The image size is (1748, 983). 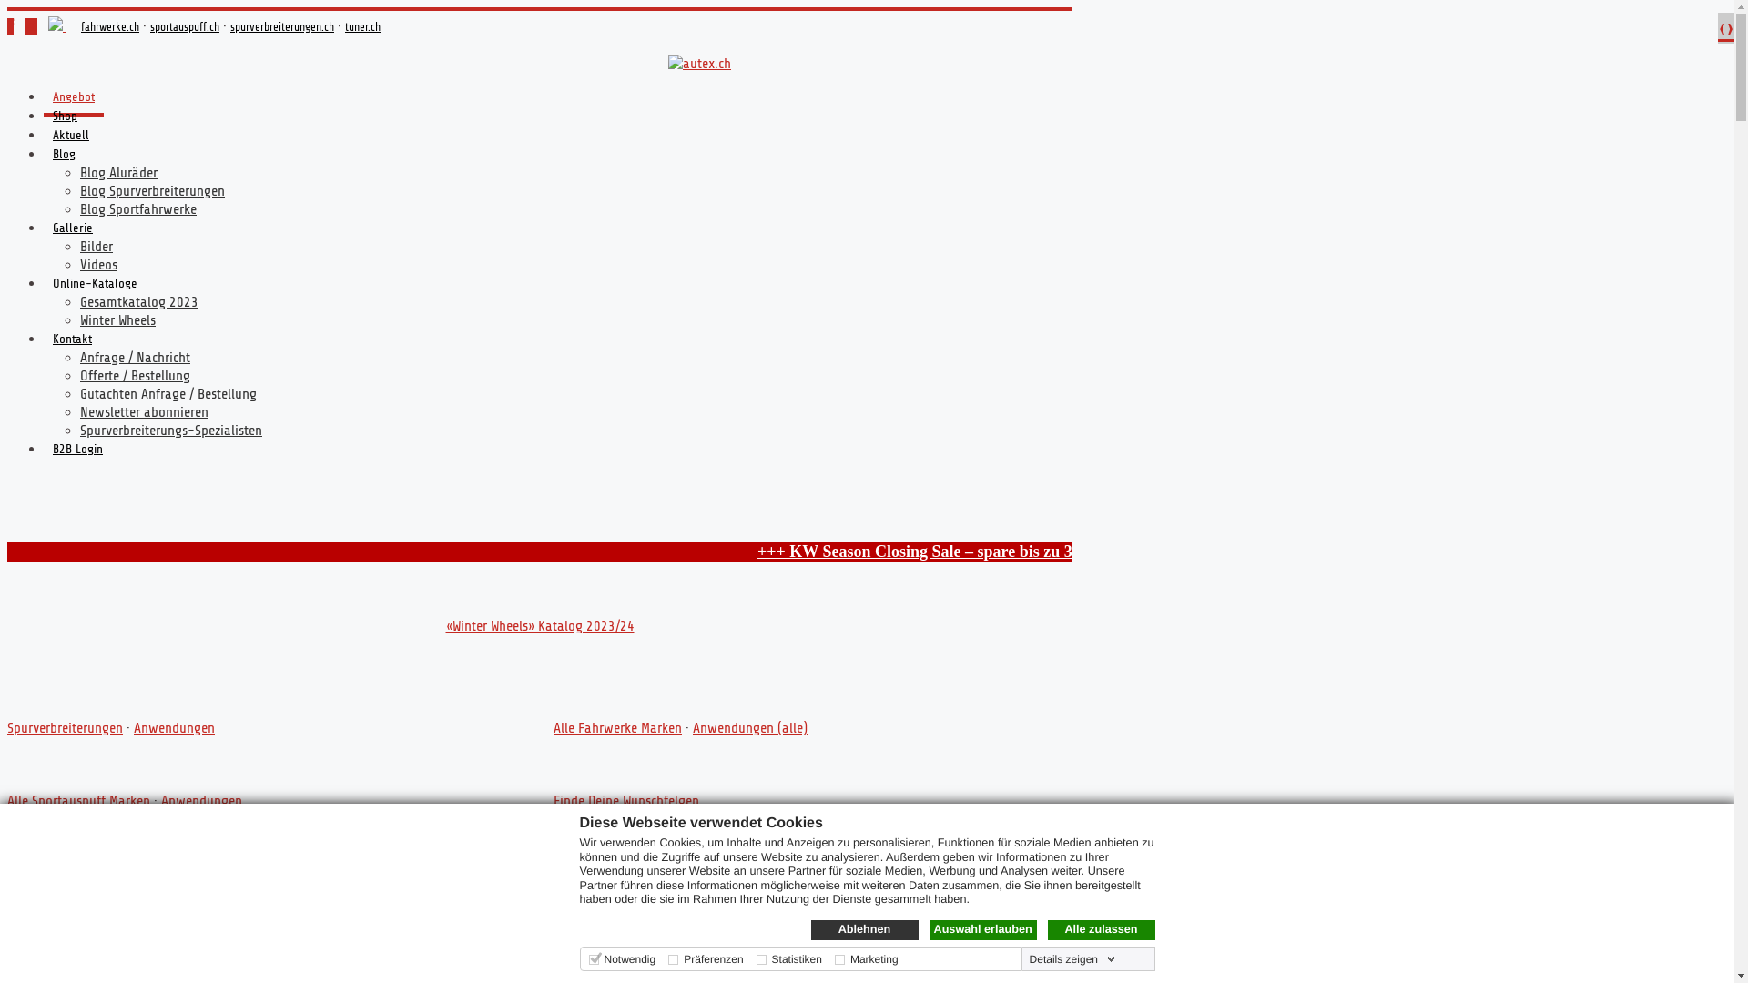 I want to click on 'Finde Deine Wunschfelgen', so click(x=625, y=799).